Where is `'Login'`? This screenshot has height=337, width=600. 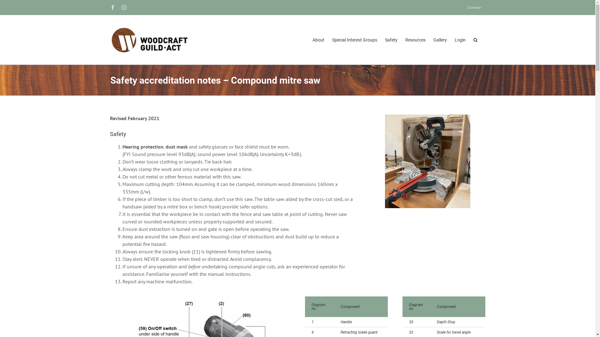
'Login' is located at coordinates (460, 40).